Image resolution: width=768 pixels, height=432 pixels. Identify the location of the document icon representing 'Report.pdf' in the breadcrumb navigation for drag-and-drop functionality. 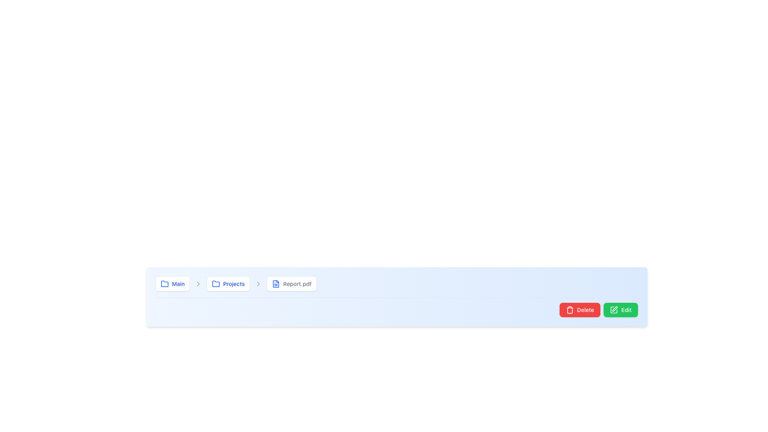
(276, 283).